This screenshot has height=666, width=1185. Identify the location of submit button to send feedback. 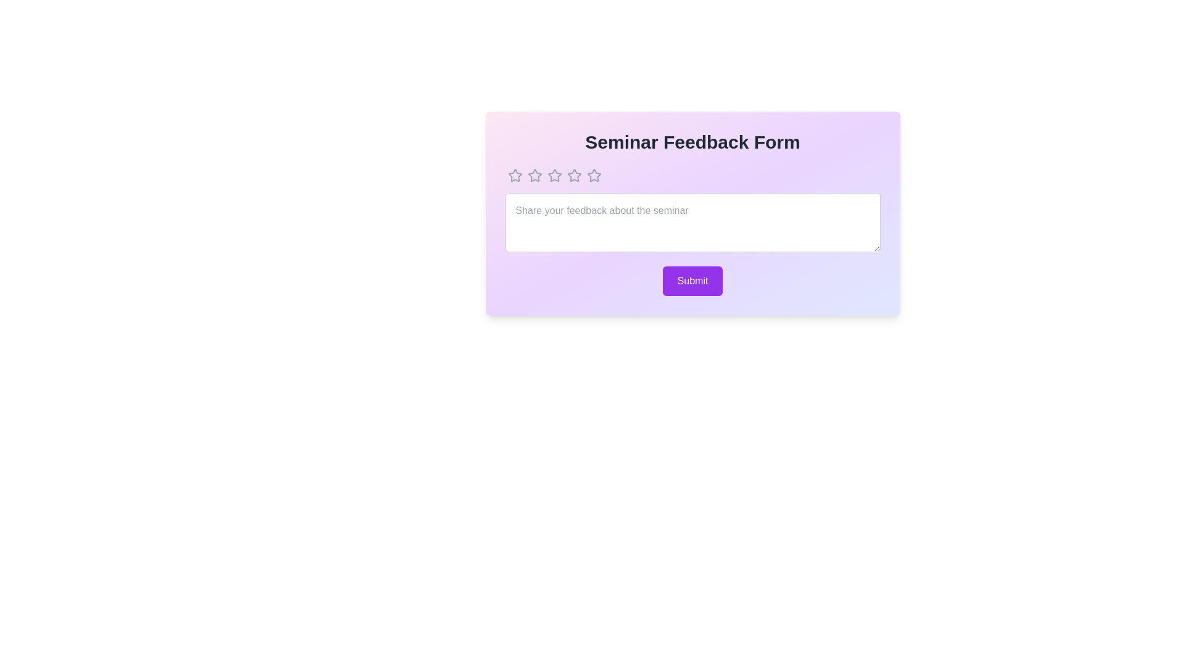
(692, 281).